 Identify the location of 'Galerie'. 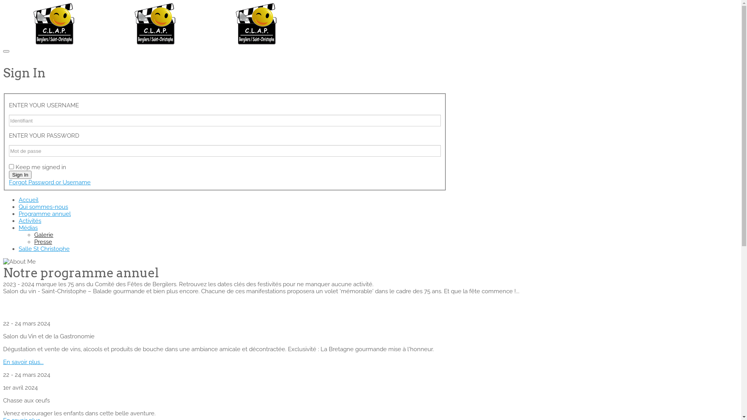
(43, 234).